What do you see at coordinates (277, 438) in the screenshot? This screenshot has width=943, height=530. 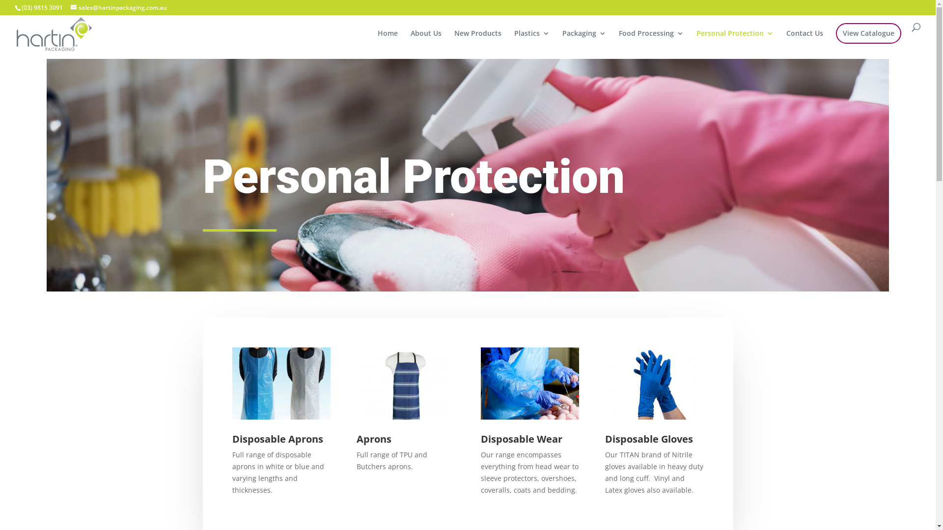 I see `'Disposable Aprons'` at bounding box center [277, 438].